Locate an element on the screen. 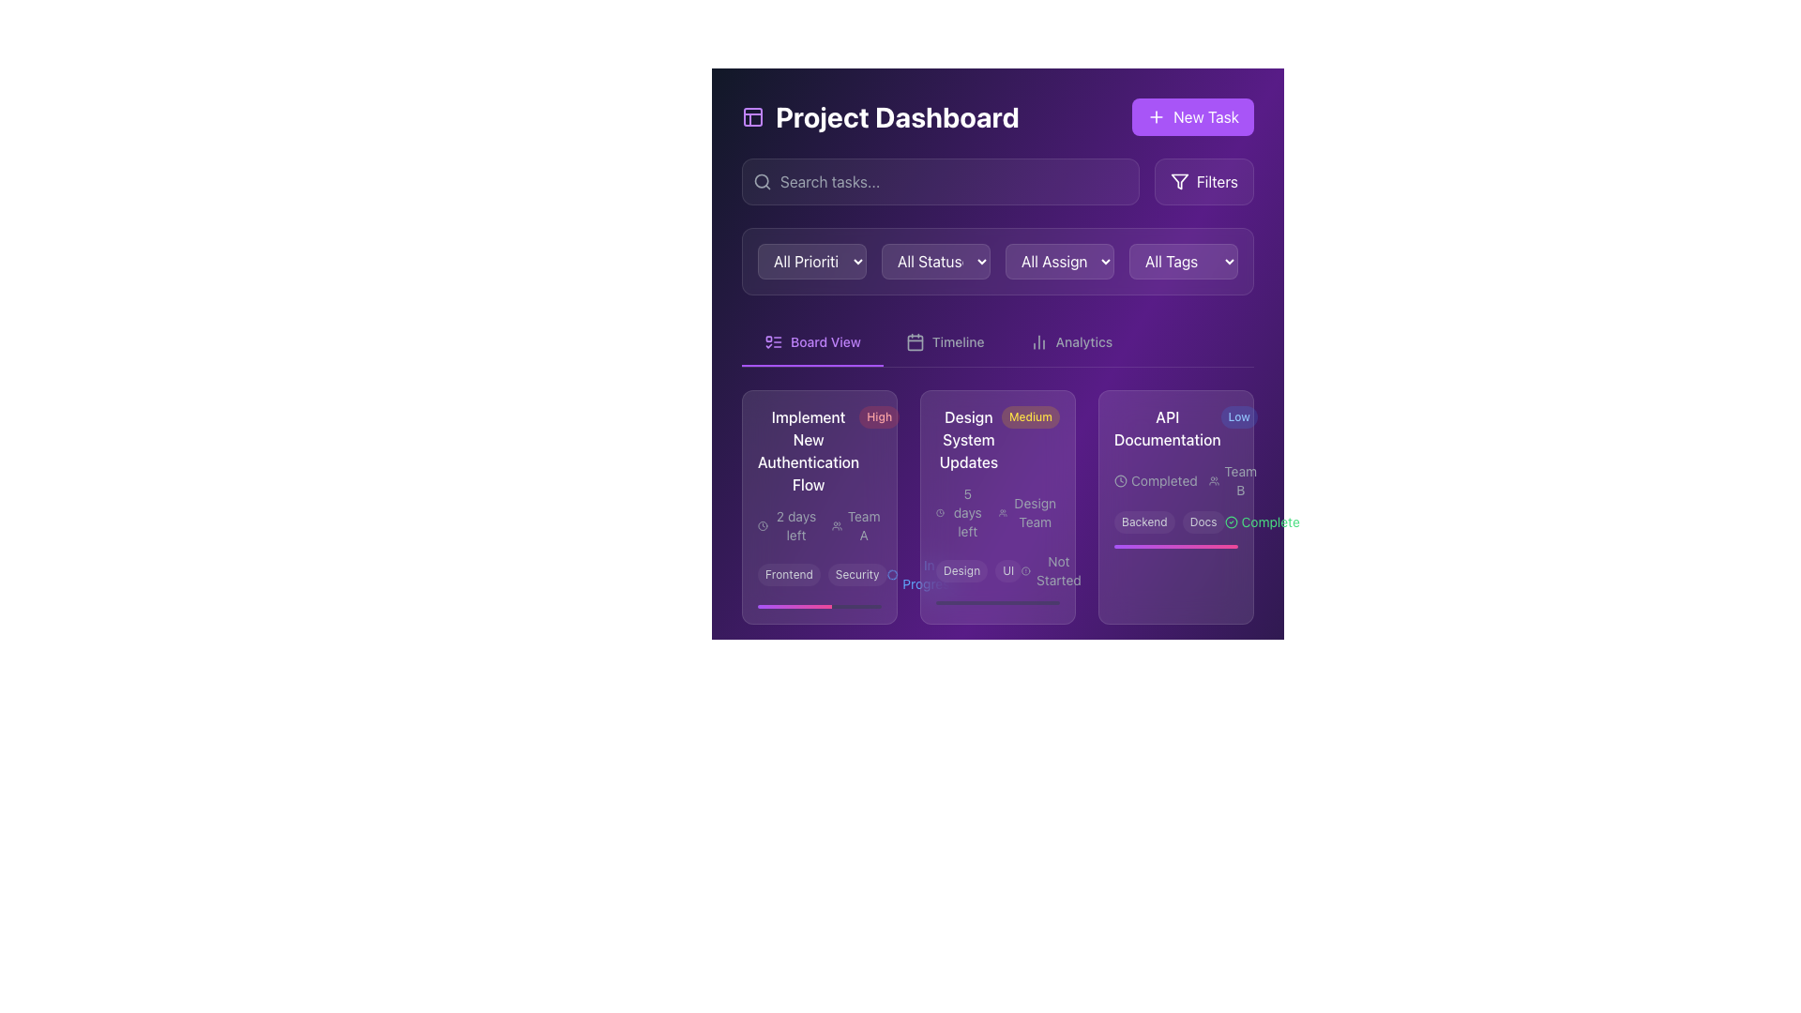  the small square icon with a paneled design and light purple color located to the left of the 'Project Dashboard' text is located at coordinates (752, 116).